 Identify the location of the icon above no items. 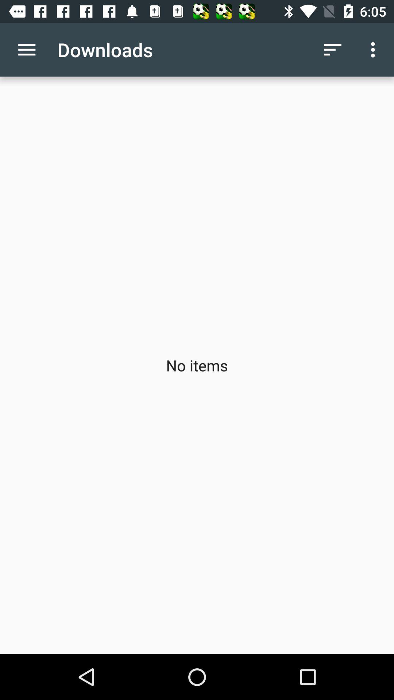
(332, 49).